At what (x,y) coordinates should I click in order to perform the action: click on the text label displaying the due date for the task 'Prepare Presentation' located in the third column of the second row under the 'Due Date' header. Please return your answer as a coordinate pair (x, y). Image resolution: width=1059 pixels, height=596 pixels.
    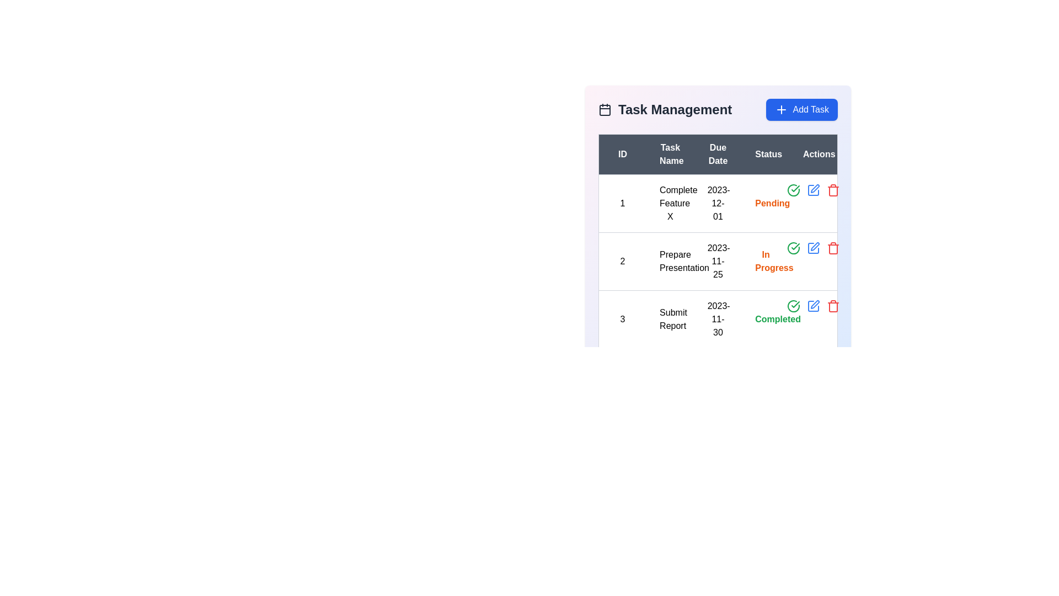
    Looking at the image, I should click on (718, 262).